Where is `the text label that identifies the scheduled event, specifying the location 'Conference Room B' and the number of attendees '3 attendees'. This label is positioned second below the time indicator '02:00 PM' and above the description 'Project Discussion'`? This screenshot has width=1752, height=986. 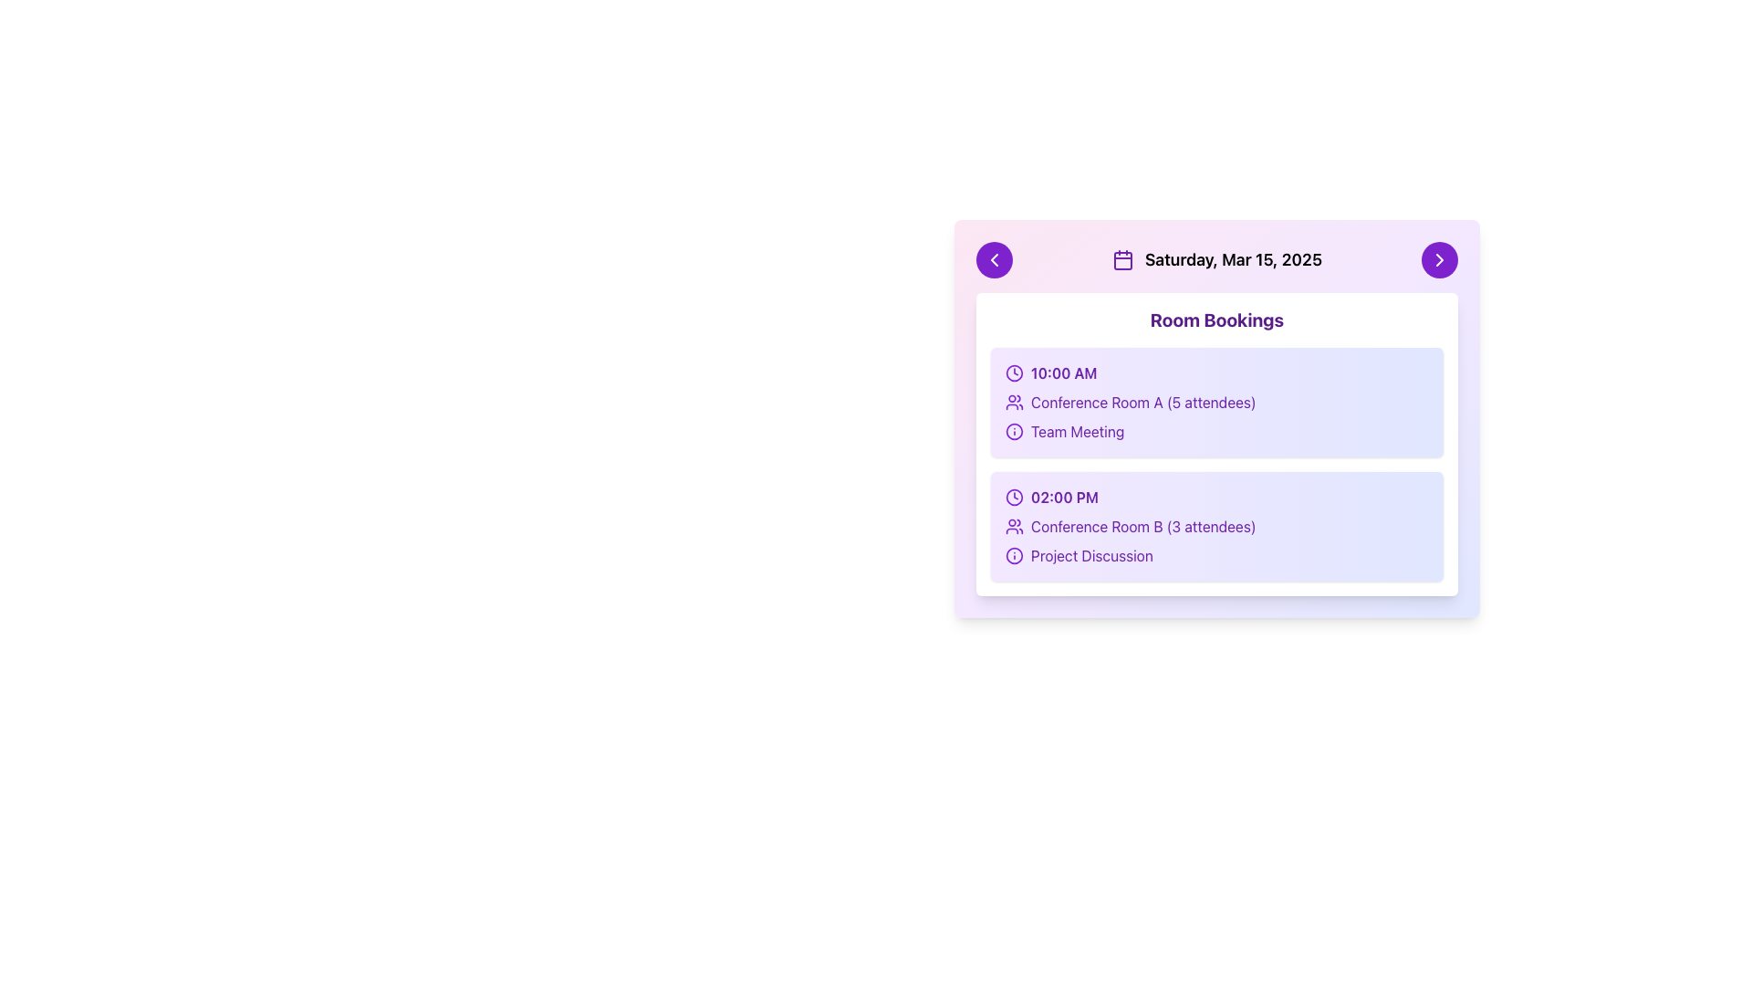
the text label that identifies the scheduled event, specifying the location 'Conference Room B' and the number of attendees '3 attendees'. This label is positioned second below the time indicator '02:00 PM' and above the description 'Project Discussion' is located at coordinates (1217, 527).